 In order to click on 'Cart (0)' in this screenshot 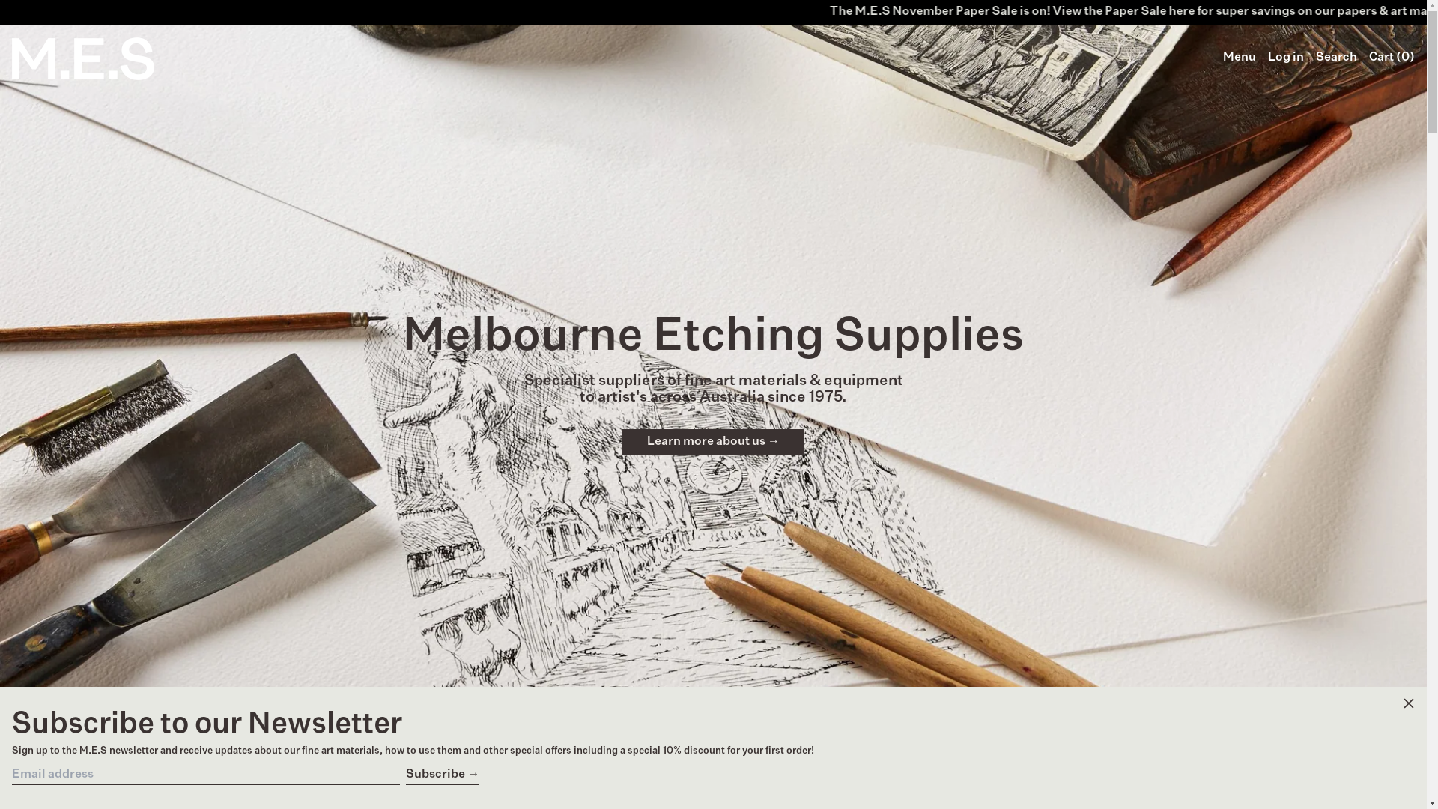, I will do `click(1391, 57)`.